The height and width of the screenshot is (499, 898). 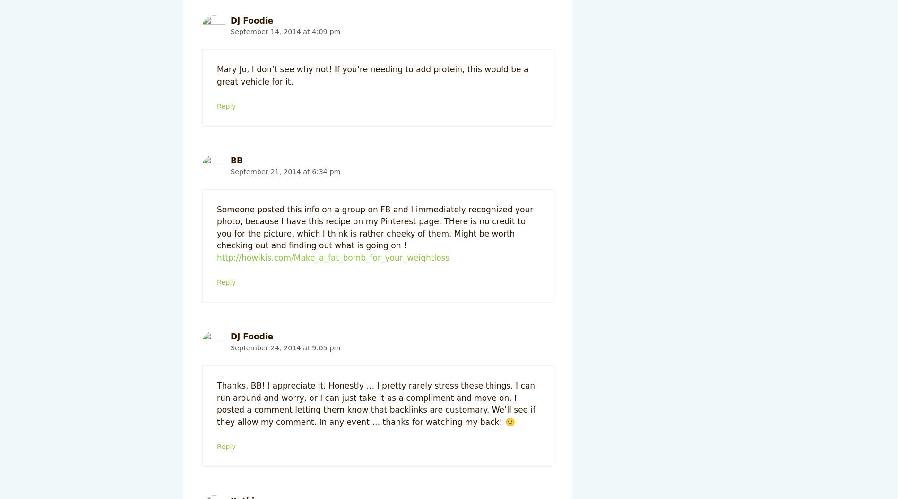 I want to click on 'September 14, 2014 at 4:09 pm', so click(x=230, y=32).